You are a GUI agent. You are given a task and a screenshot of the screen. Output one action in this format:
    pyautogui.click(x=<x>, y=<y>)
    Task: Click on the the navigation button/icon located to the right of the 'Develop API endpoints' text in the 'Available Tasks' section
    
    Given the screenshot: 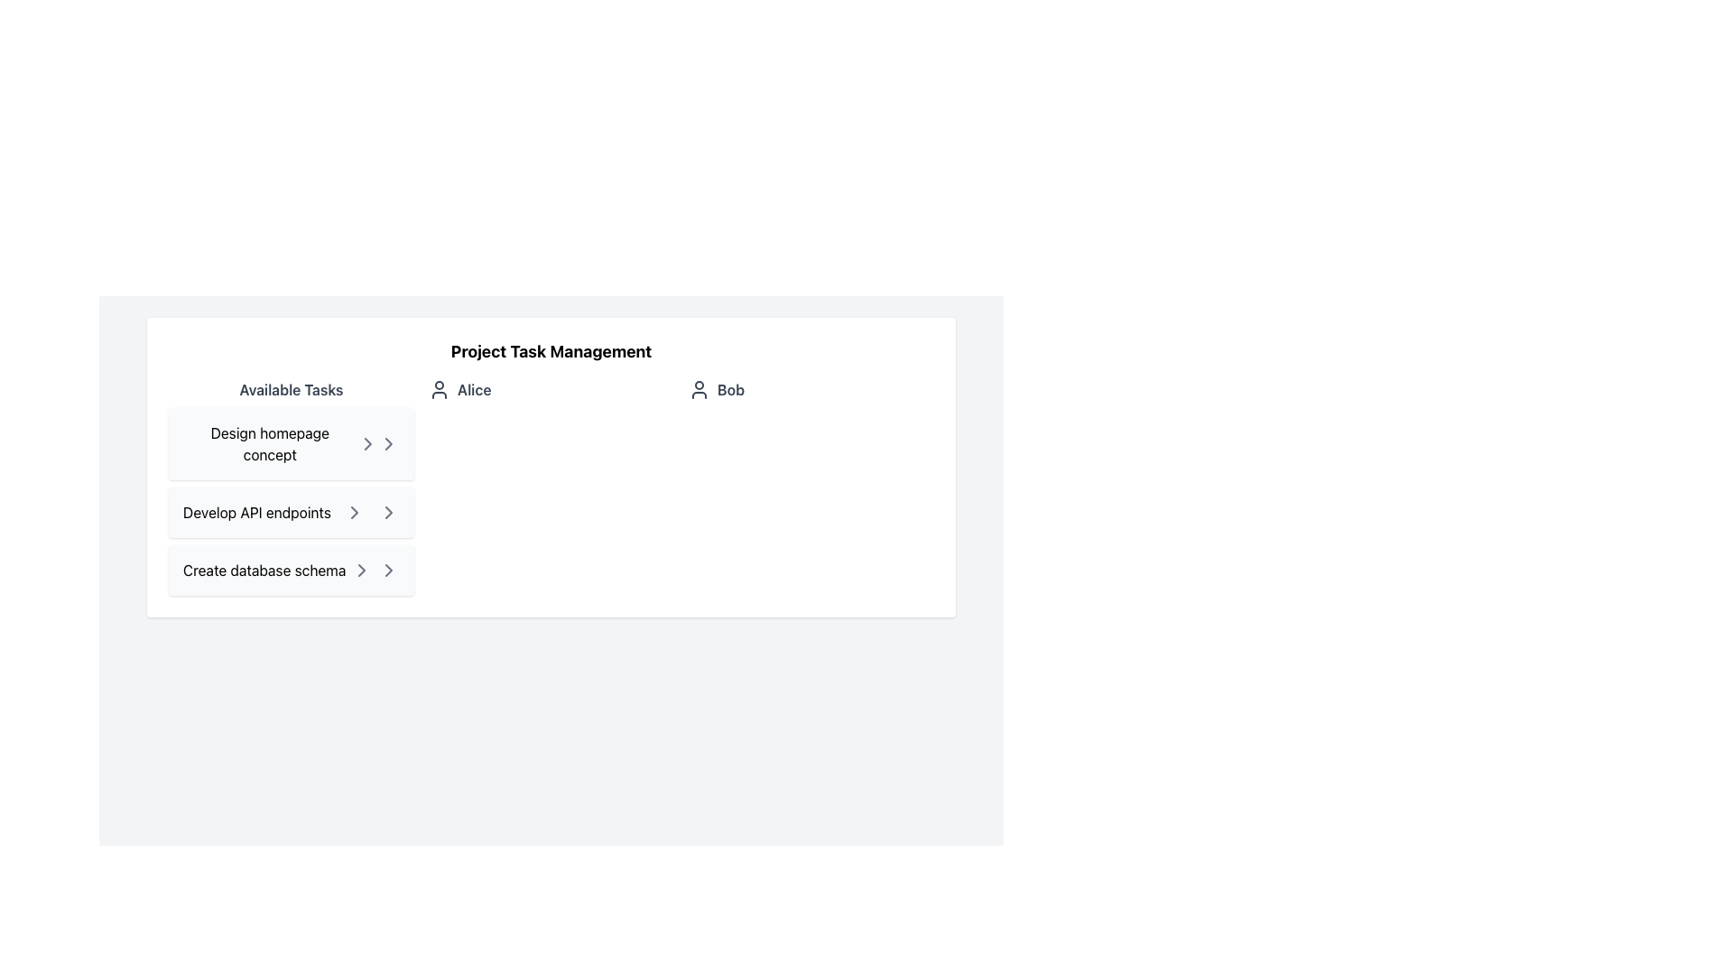 What is the action you would take?
    pyautogui.click(x=355, y=512)
    